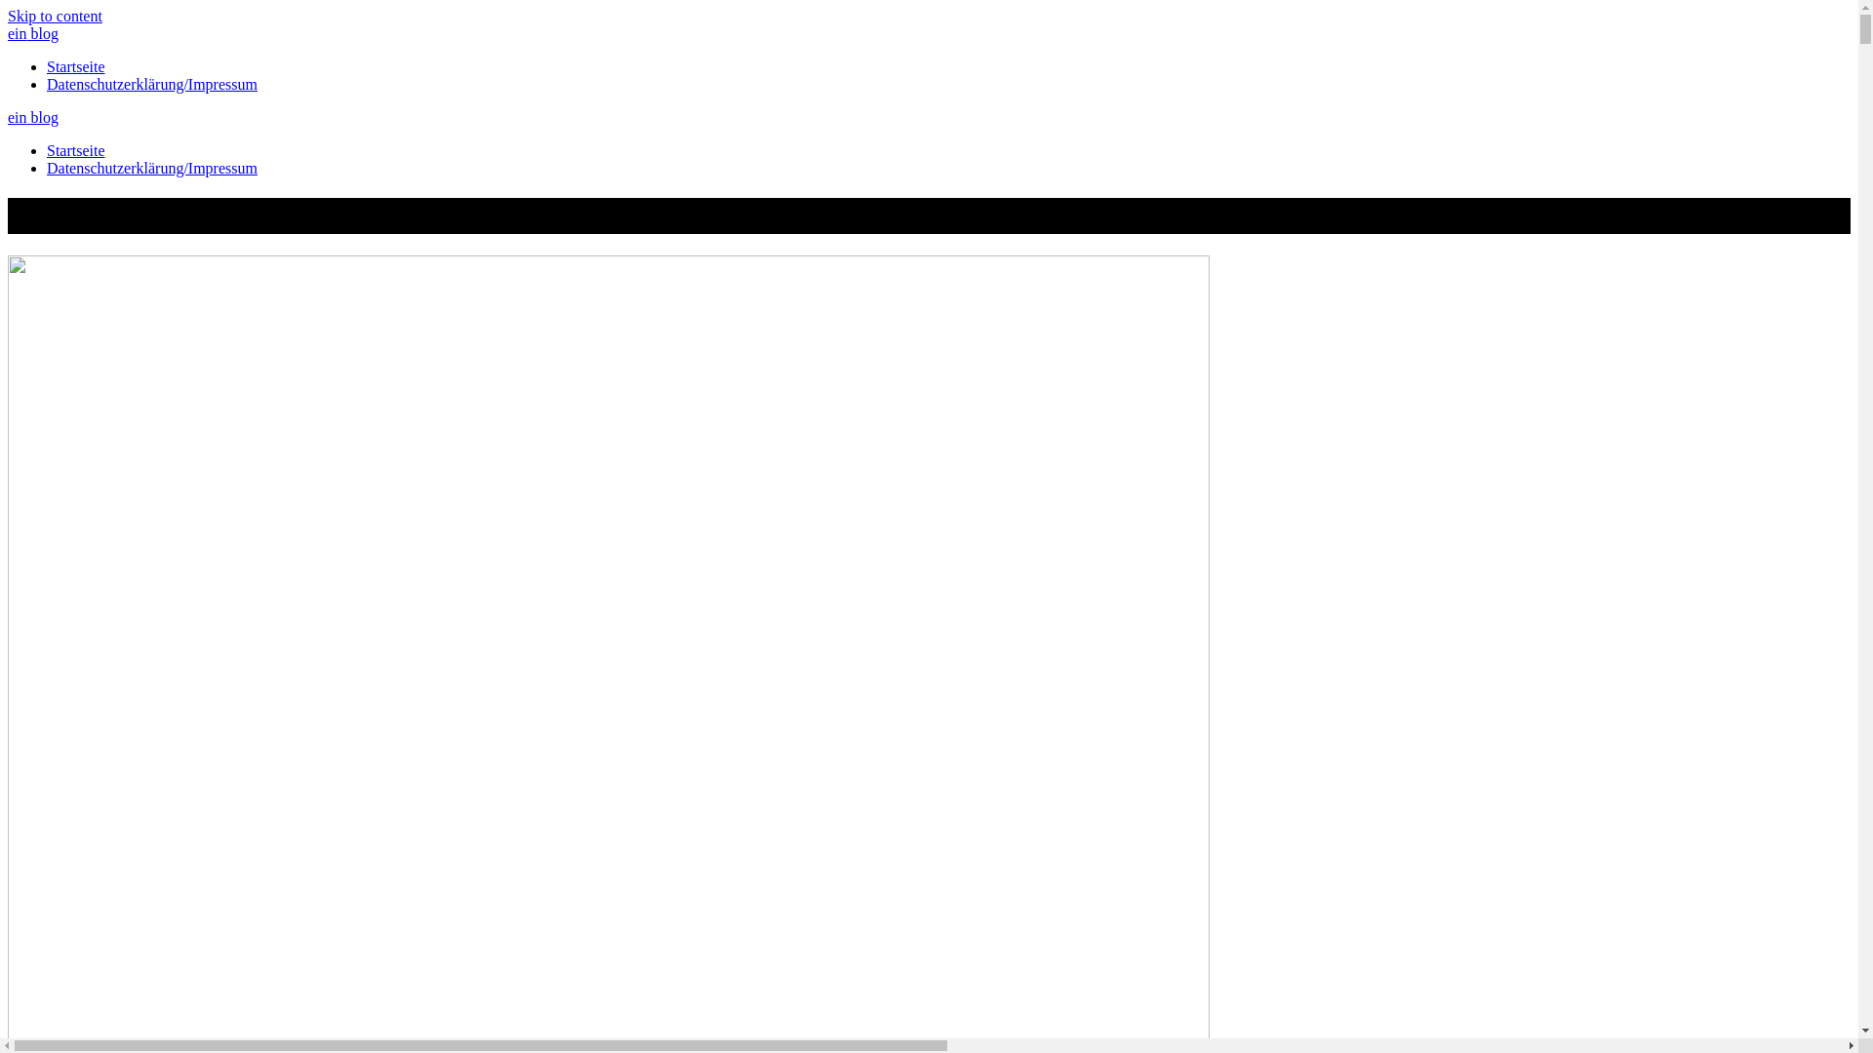 This screenshot has width=1873, height=1053. I want to click on 'ein blog', so click(32, 117).